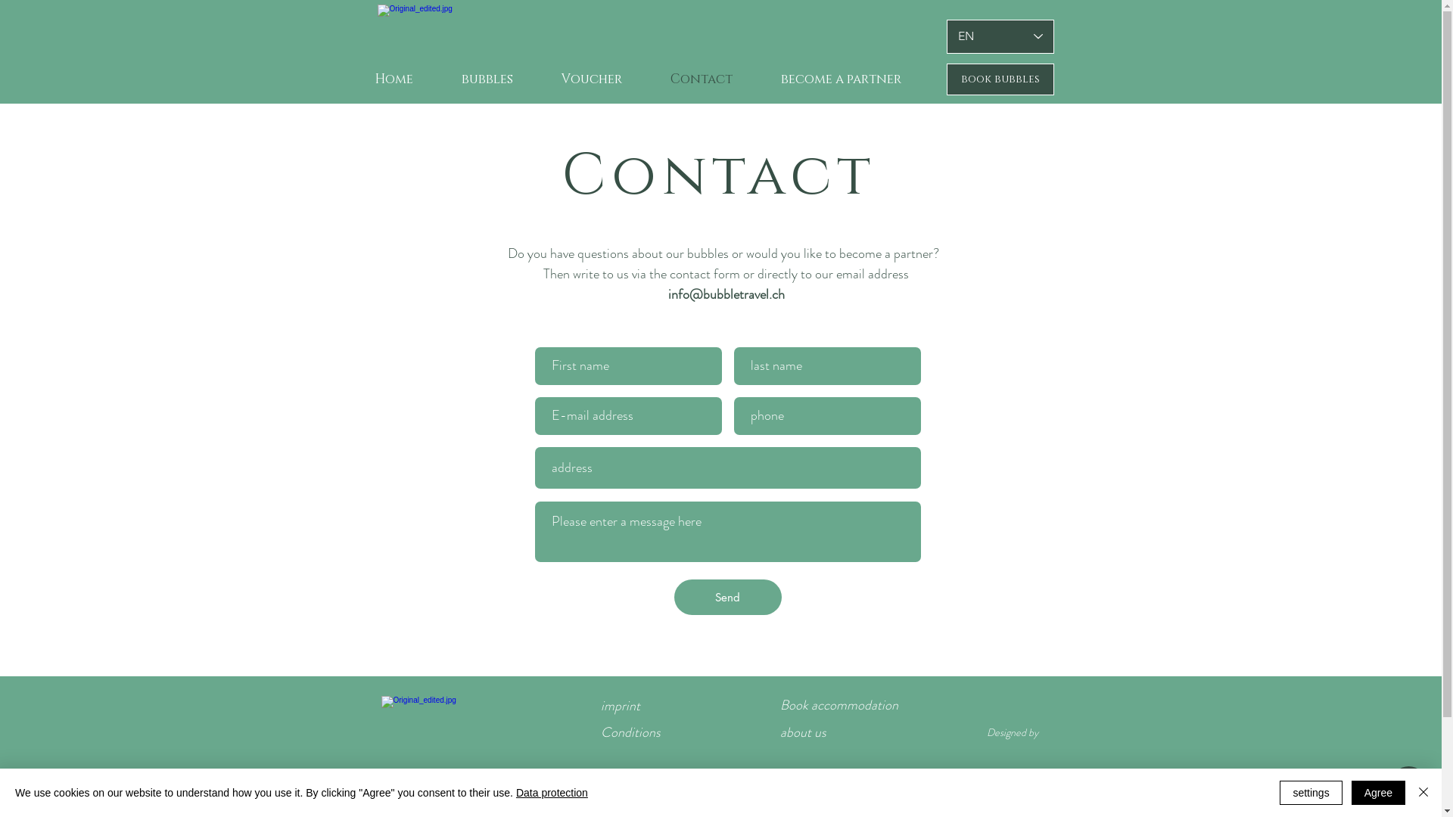 The image size is (1453, 817). I want to click on 'imprint', so click(599, 706).